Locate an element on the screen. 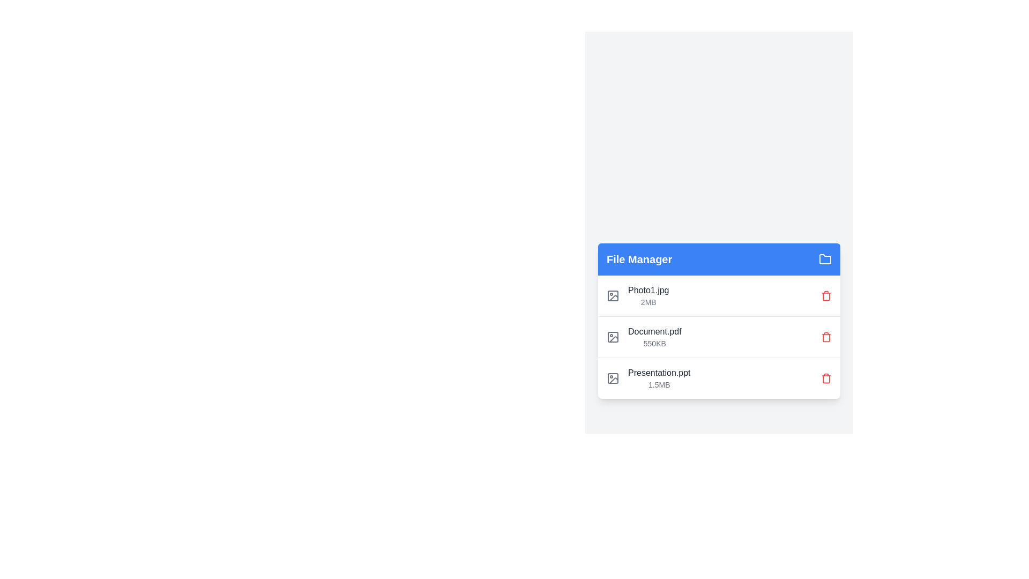  the text label displaying the file size '2MB', which is styled in gray and located beneath the filename 'Photo1.jpg' in the file details section is located at coordinates (648, 302).